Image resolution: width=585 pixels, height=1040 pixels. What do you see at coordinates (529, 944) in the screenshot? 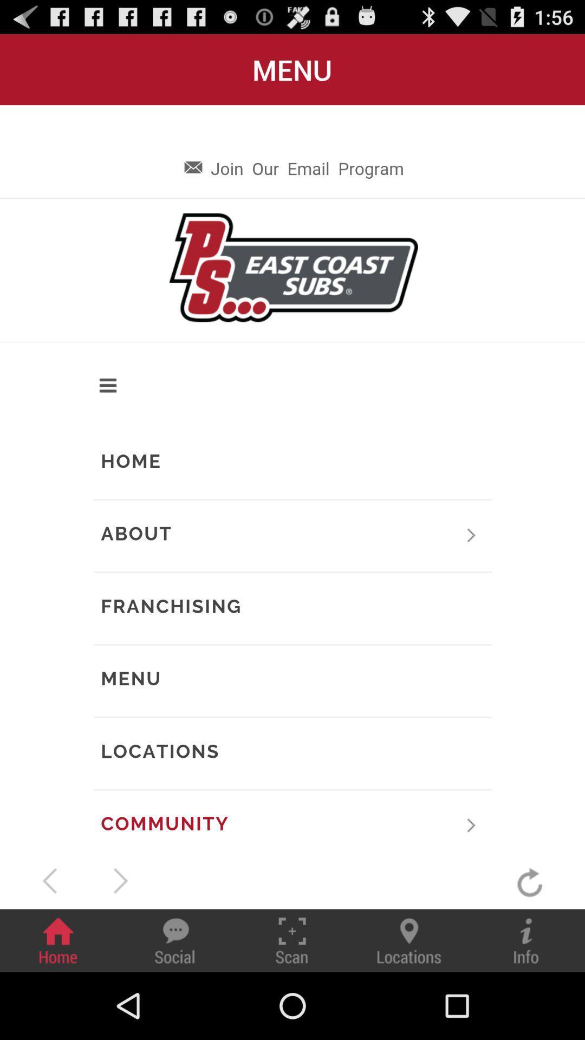
I see `the refresh icon` at bounding box center [529, 944].